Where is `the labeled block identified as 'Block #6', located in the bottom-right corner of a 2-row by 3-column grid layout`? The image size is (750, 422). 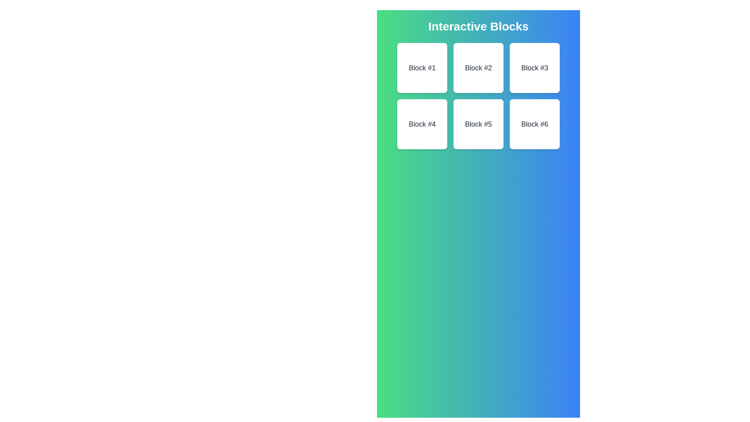 the labeled block identified as 'Block #6', located in the bottom-right corner of a 2-row by 3-column grid layout is located at coordinates (534, 123).